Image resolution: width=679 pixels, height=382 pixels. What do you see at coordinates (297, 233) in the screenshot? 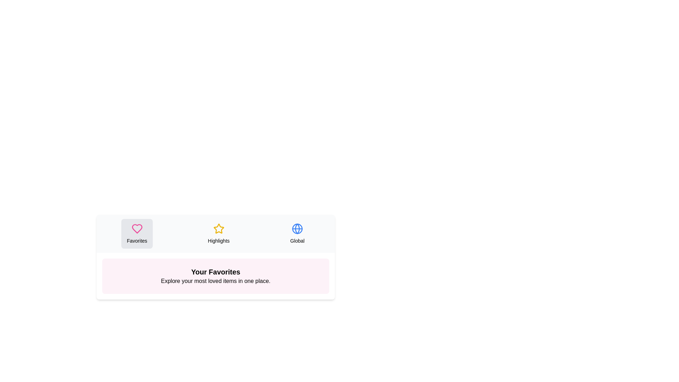
I see `the Global tab` at bounding box center [297, 233].